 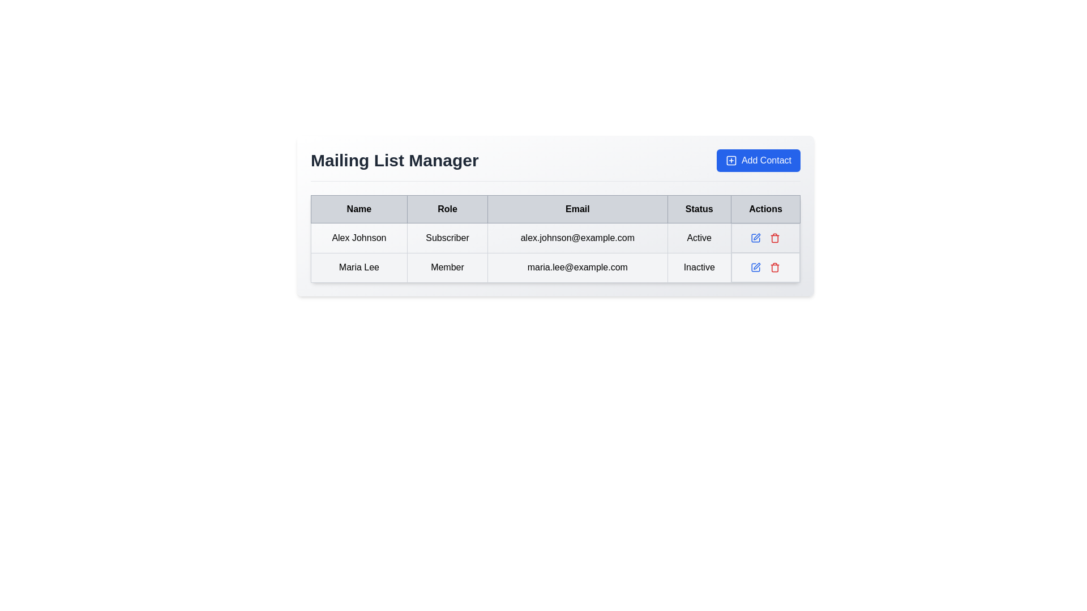 What do you see at coordinates (358, 209) in the screenshot?
I see `the 'Name' column header cell in the Mailing List Manager table, which identifies the context for the names listed in the column below` at bounding box center [358, 209].